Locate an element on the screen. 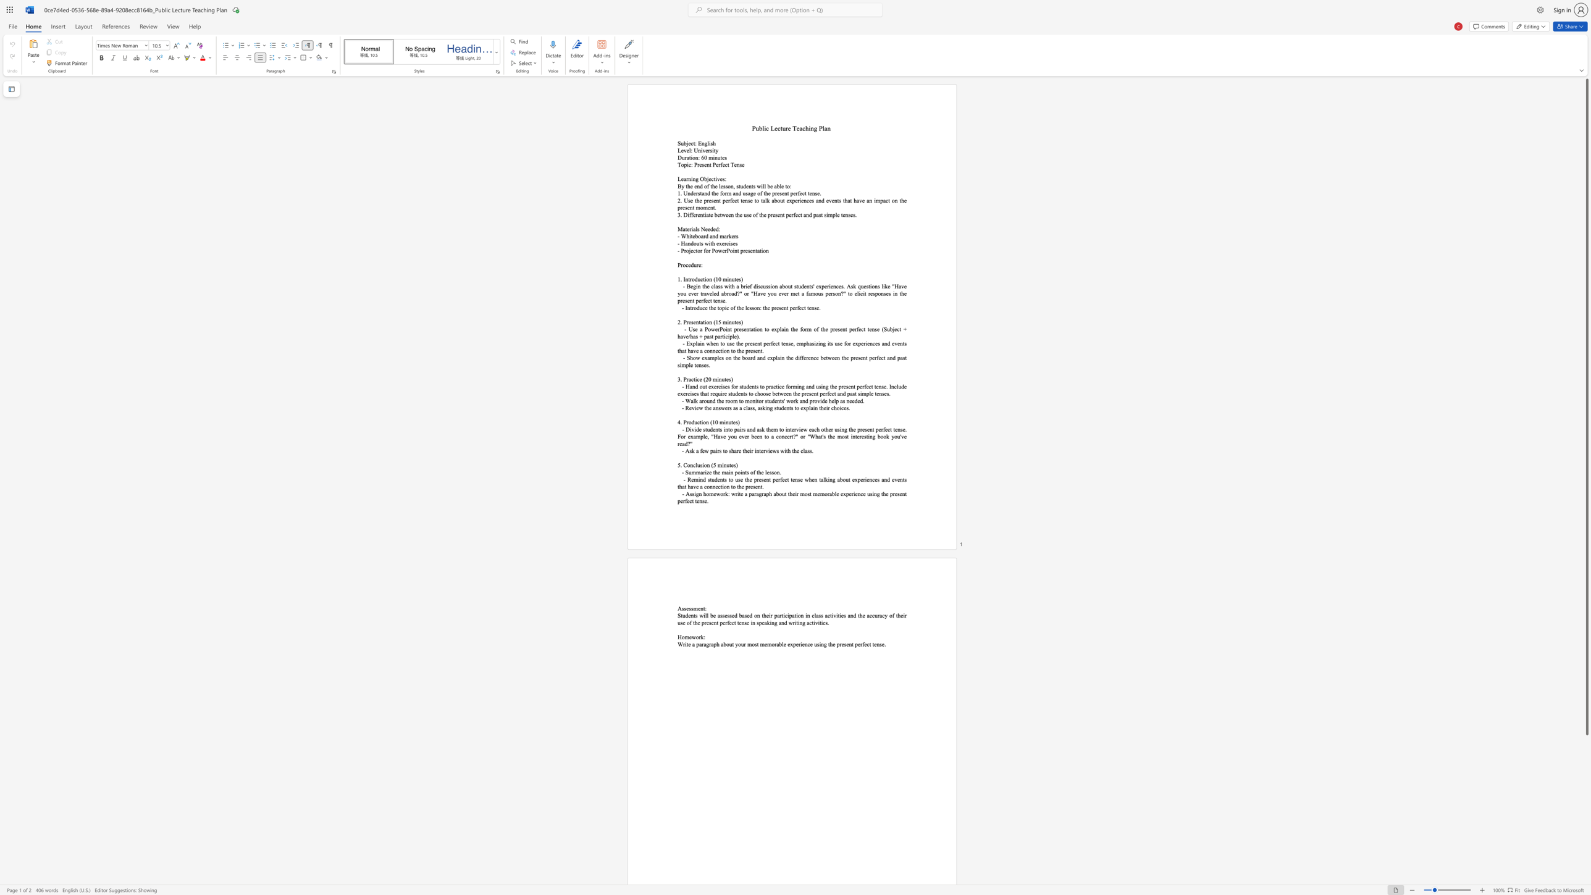  the 9th character "r" in the text is located at coordinates (869, 293).